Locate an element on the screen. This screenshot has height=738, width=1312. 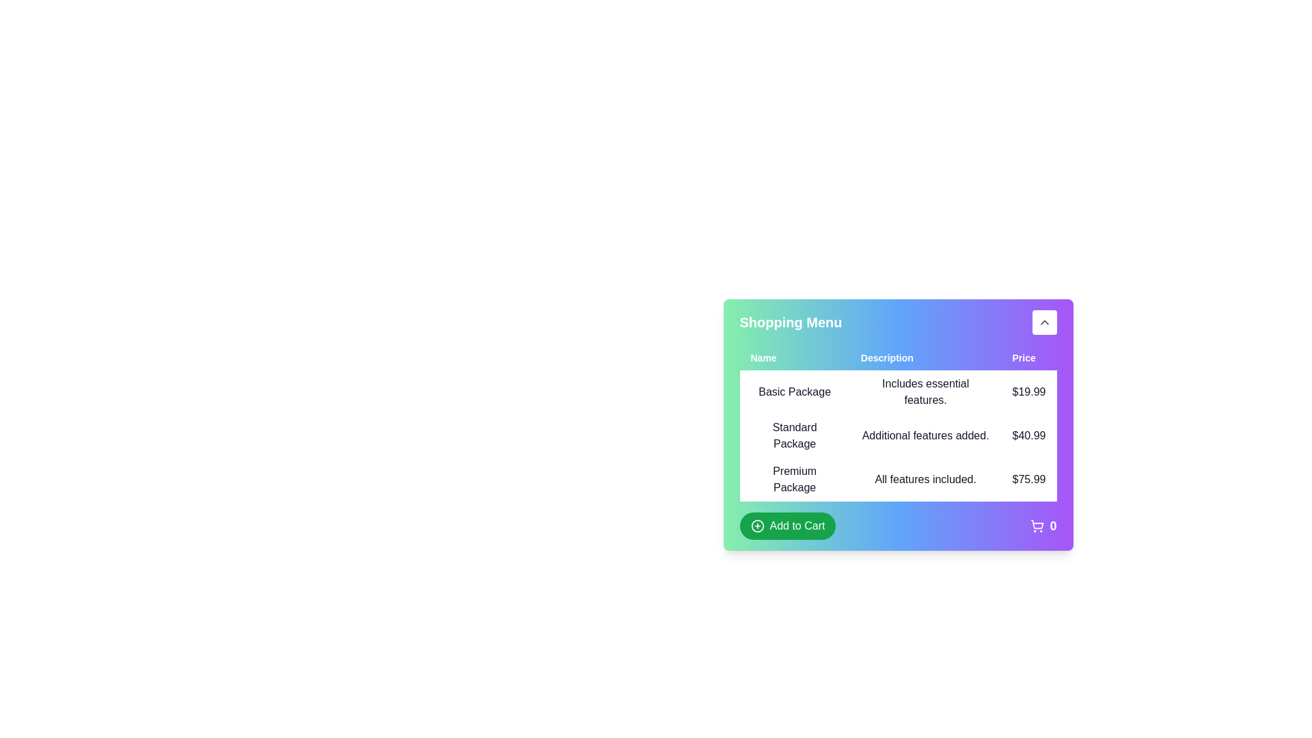
the descriptive text detailing the additional features of the 'Standard Package' in the pricing table, located in the middle column of the 'Standard Package' row is located at coordinates (925, 435).